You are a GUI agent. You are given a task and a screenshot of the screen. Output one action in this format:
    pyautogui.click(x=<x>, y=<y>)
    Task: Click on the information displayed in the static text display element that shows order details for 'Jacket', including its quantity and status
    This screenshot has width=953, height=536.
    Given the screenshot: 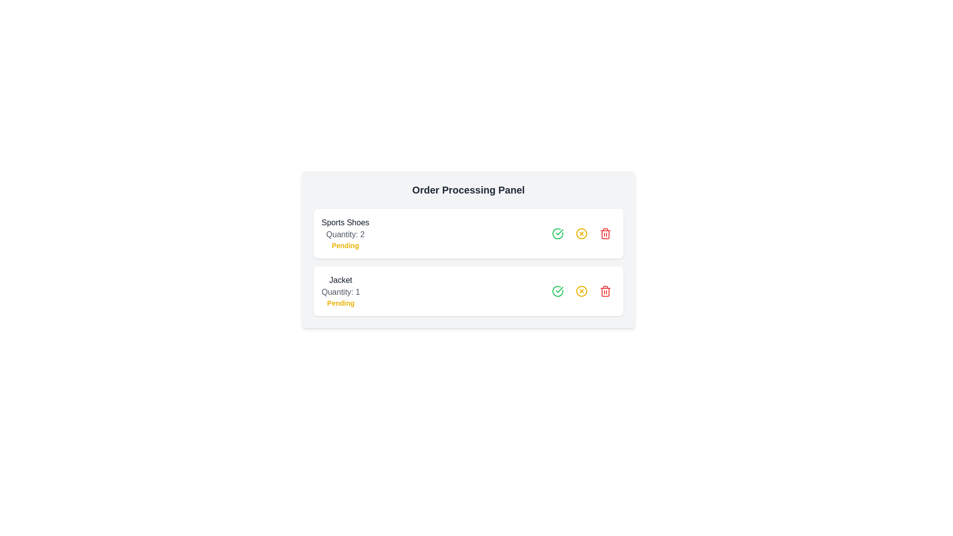 What is the action you would take?
    pyautogui.click(x=340, y=290)
    